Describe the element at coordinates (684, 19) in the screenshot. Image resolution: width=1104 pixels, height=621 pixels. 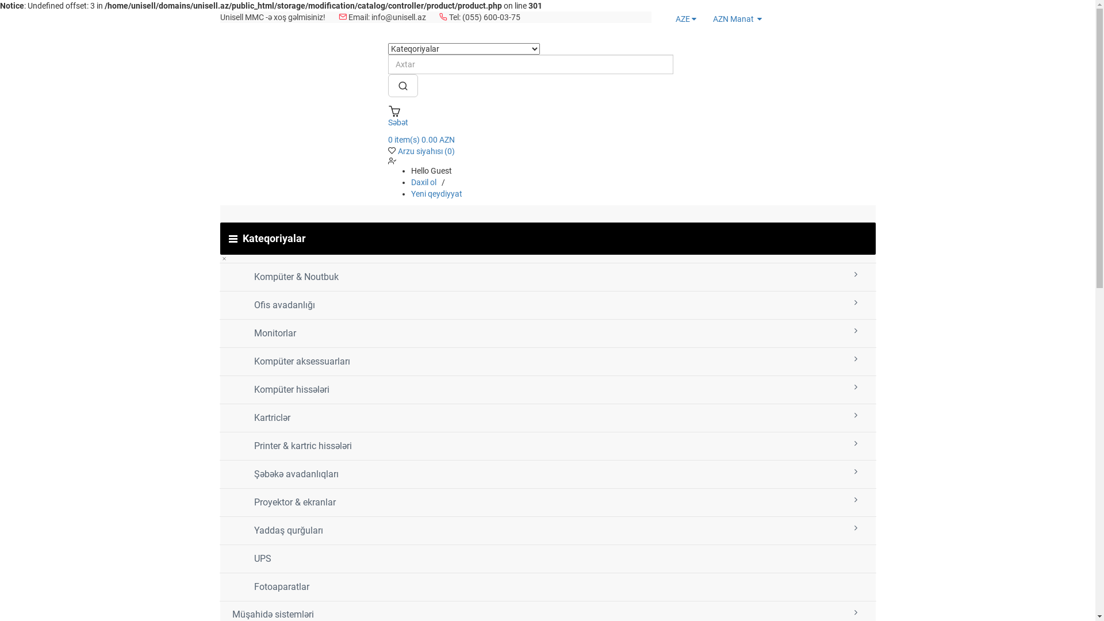
I see `'AZE'` at that location.